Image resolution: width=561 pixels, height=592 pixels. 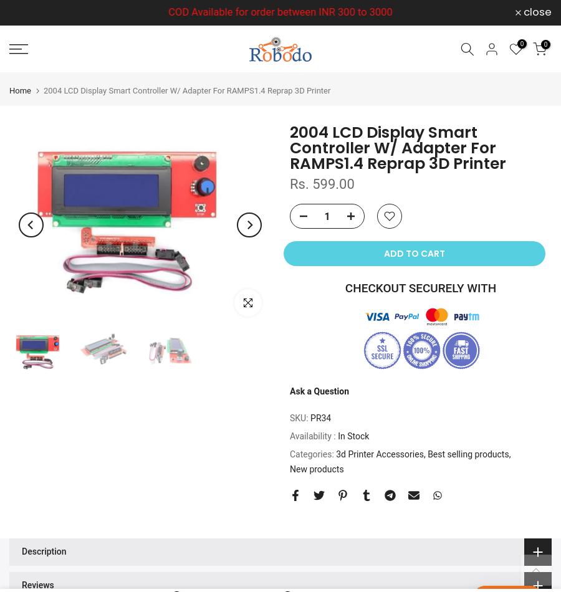 What do you see at coordinates (43, 550) in the screenshot?
I see `'Description'` at bounding box center [43, 550].